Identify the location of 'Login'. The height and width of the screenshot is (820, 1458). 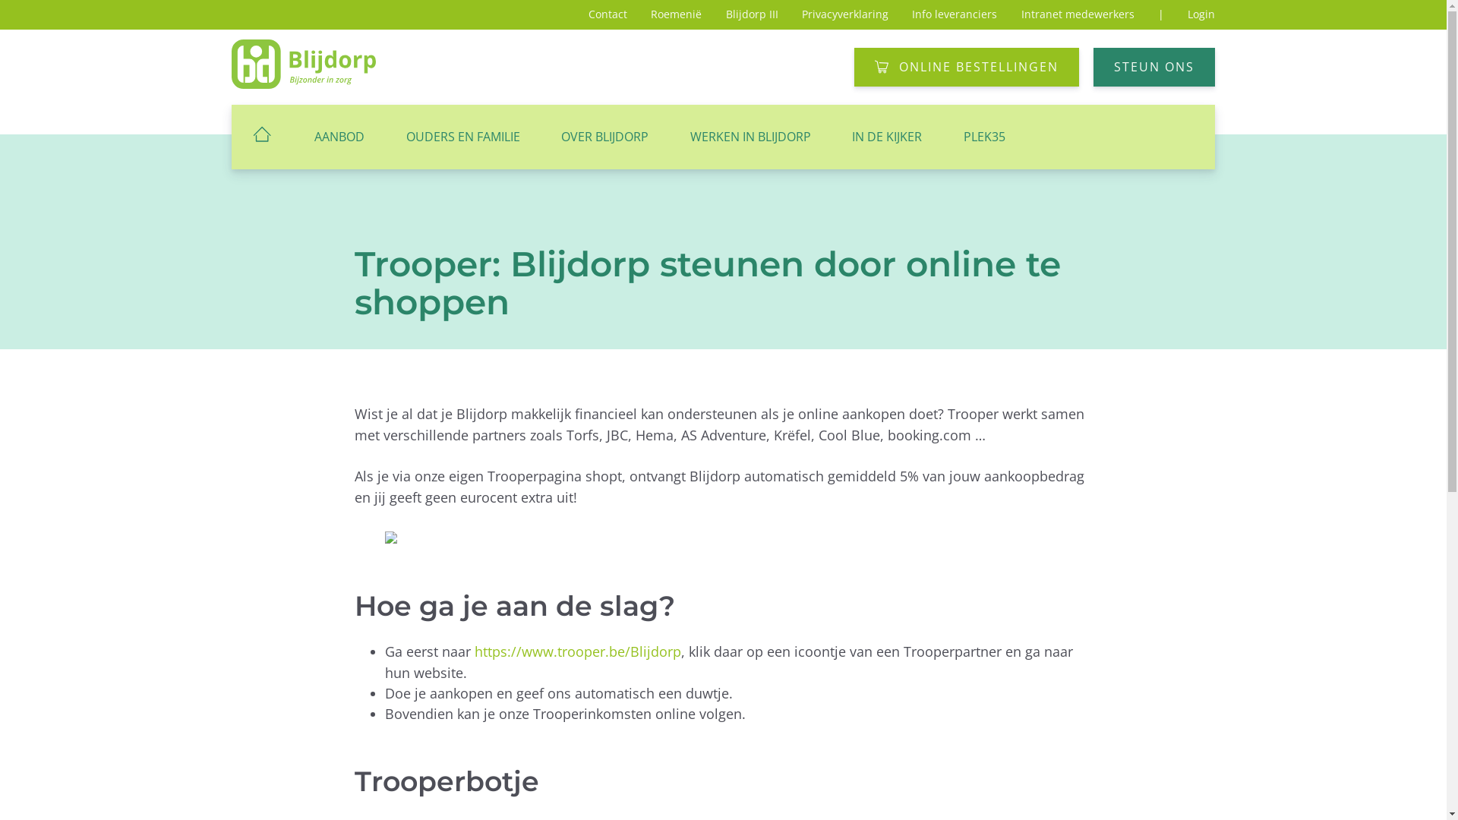
(1201, 14).